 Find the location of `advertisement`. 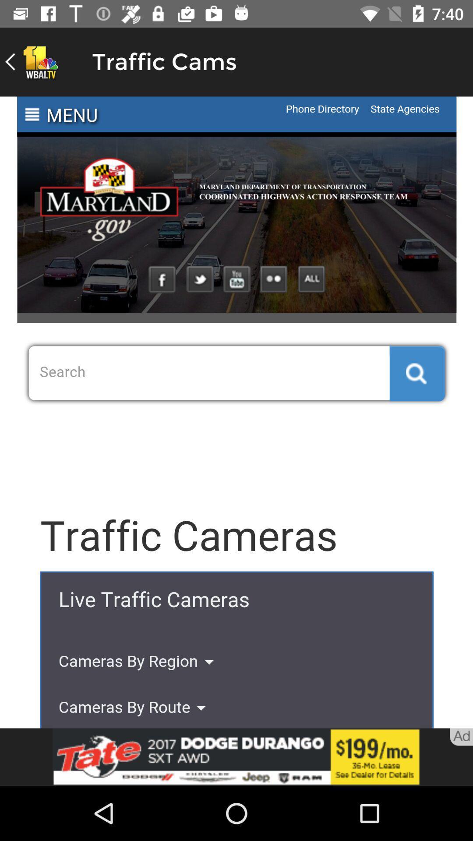

advertisement is located at coordinates (236, 756).